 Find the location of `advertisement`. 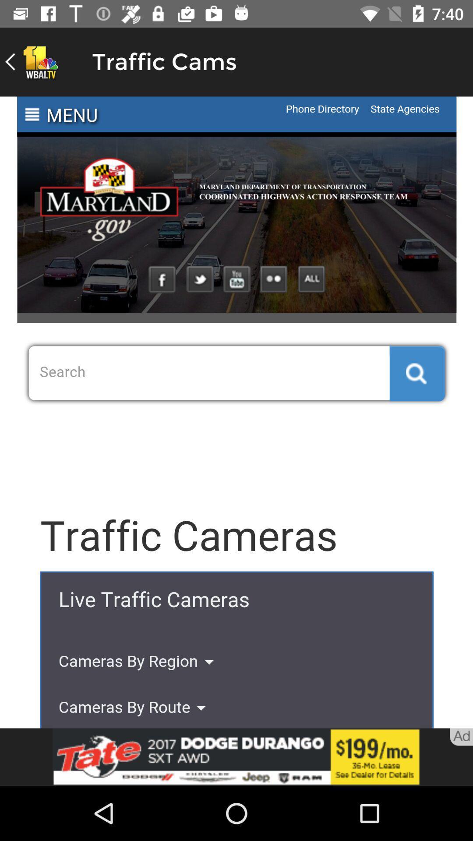

advertisement is located at coordinates (236, 756).